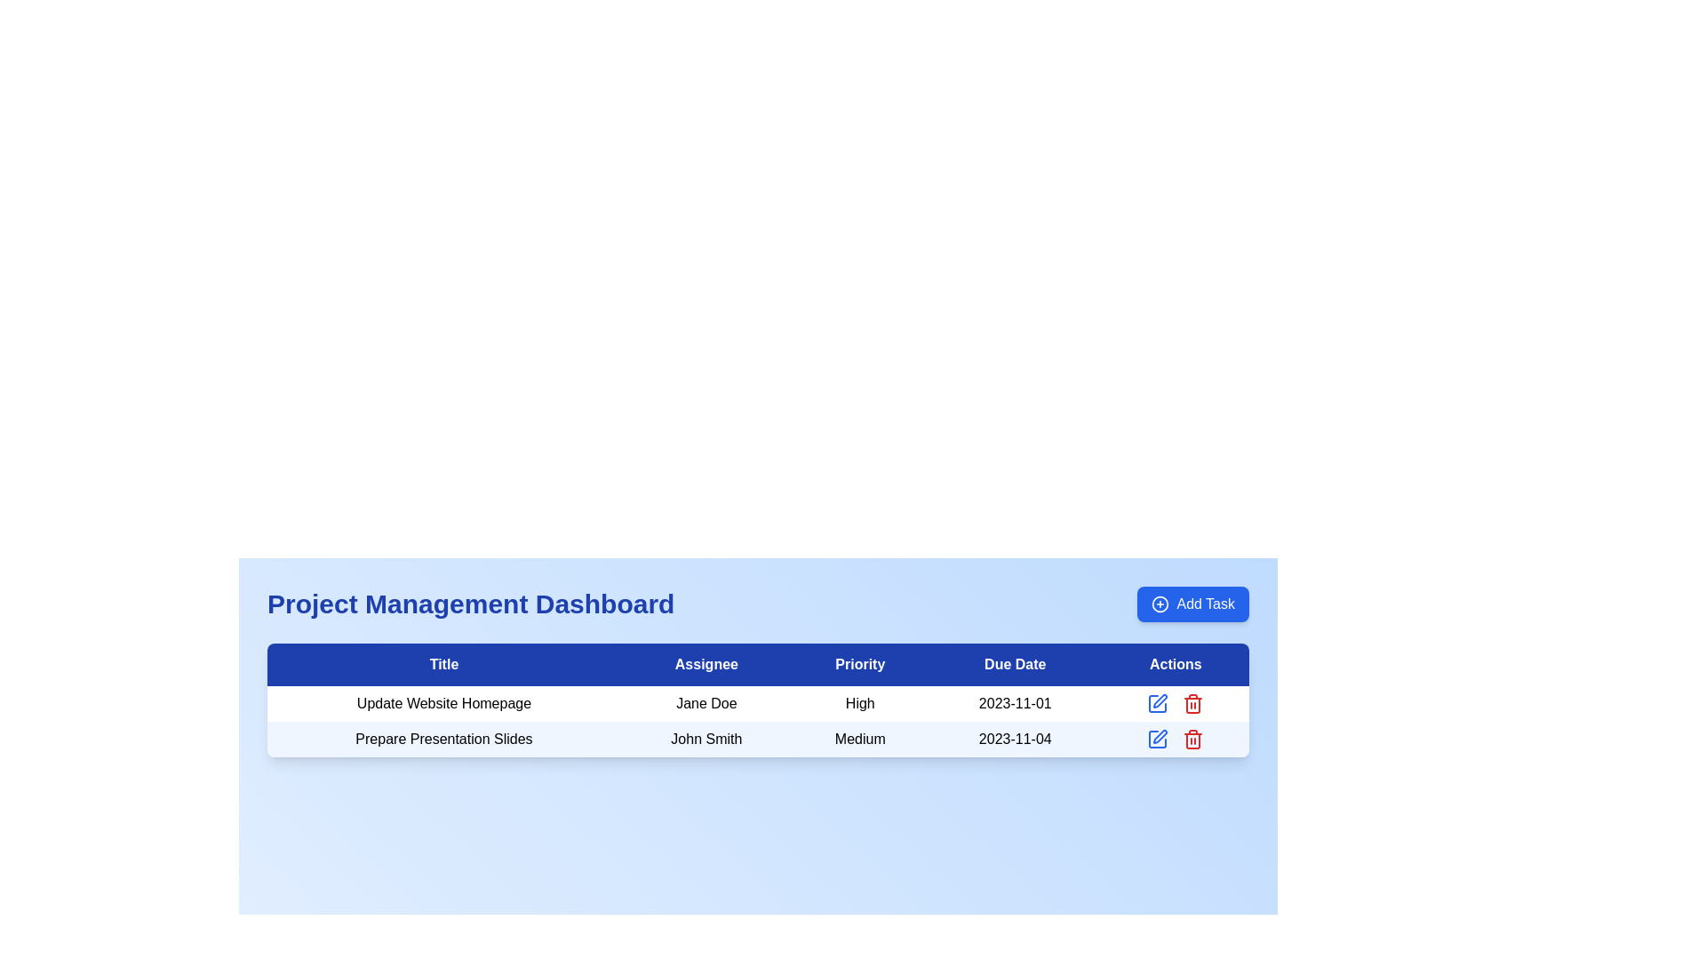 Image resolution: width=1706 pixels, height=960 pixels. What do you see at coordinates (1160, 603) in the screenshot?
I see `the circular icon with a plus sign in the middle, which is located to the left of the 'Add Task' button` at bounding box center [1160, 603].